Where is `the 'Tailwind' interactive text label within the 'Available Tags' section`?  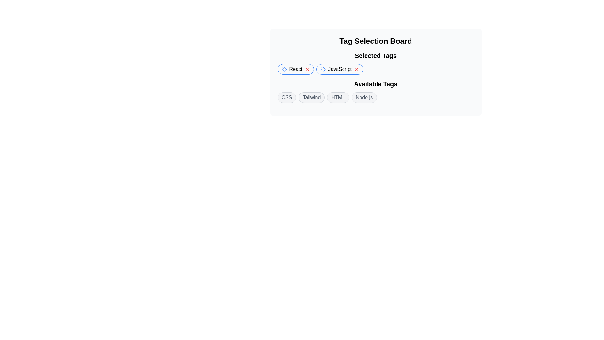
the 'Tailwind' interactive text label within the 'Available Tags' section is located at coordinates (311, 97).